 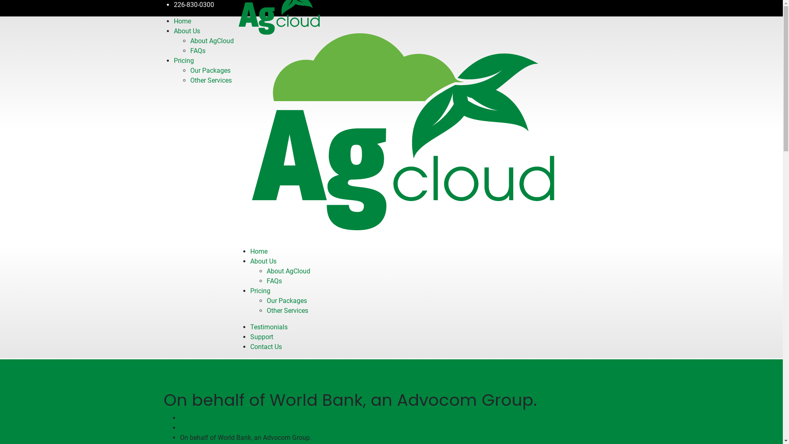 What do you see at coordinates (173, 30) in the screenshot?
I see `'About Us'` at bounding box center [173, 30].